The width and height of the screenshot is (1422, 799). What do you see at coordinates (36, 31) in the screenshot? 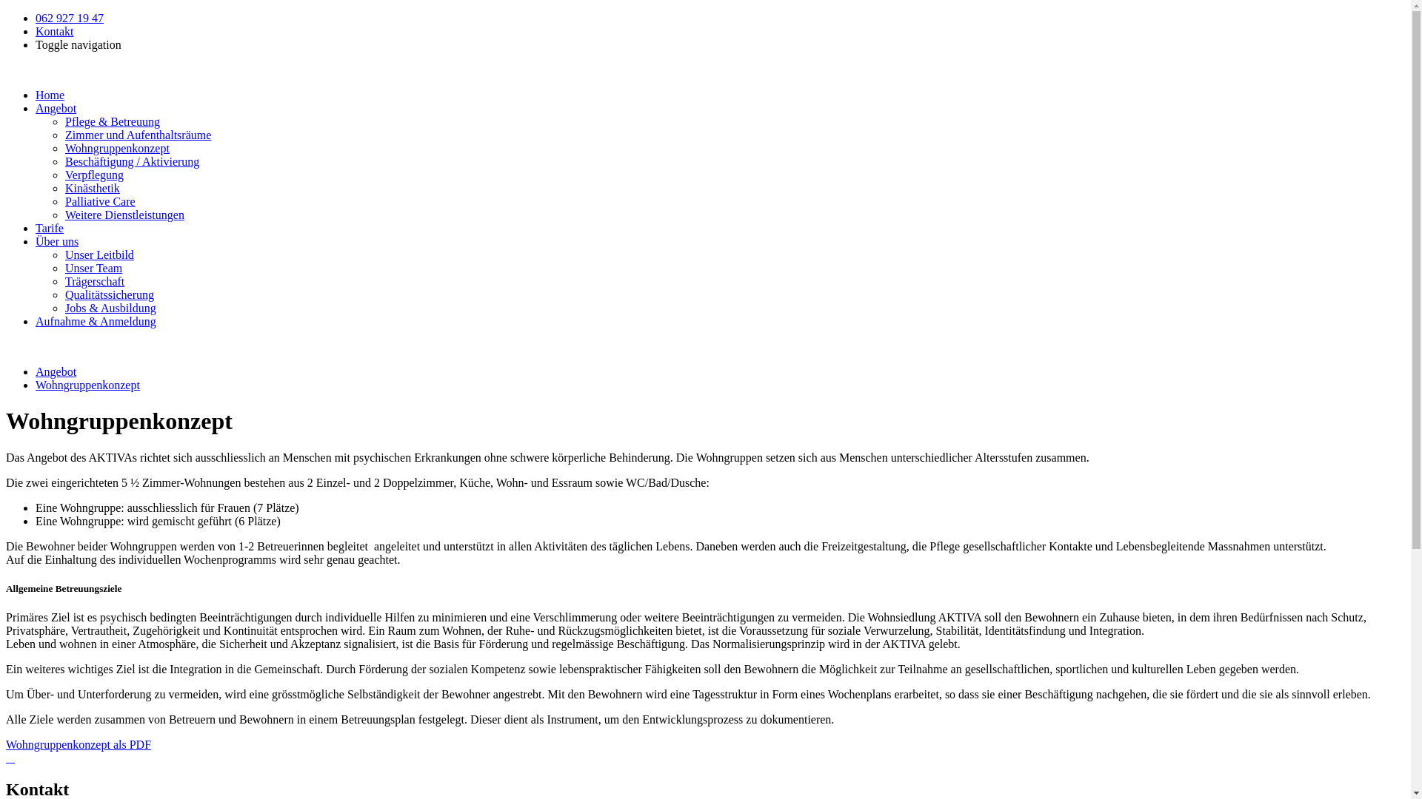
I see `'Kontakt'` at bounding box center [36, 31].